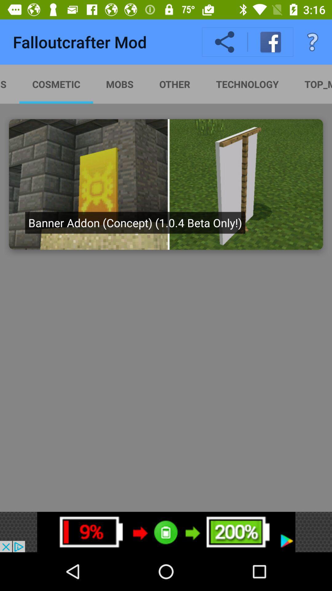  I want to click on facebook icon, so click(270, 42).